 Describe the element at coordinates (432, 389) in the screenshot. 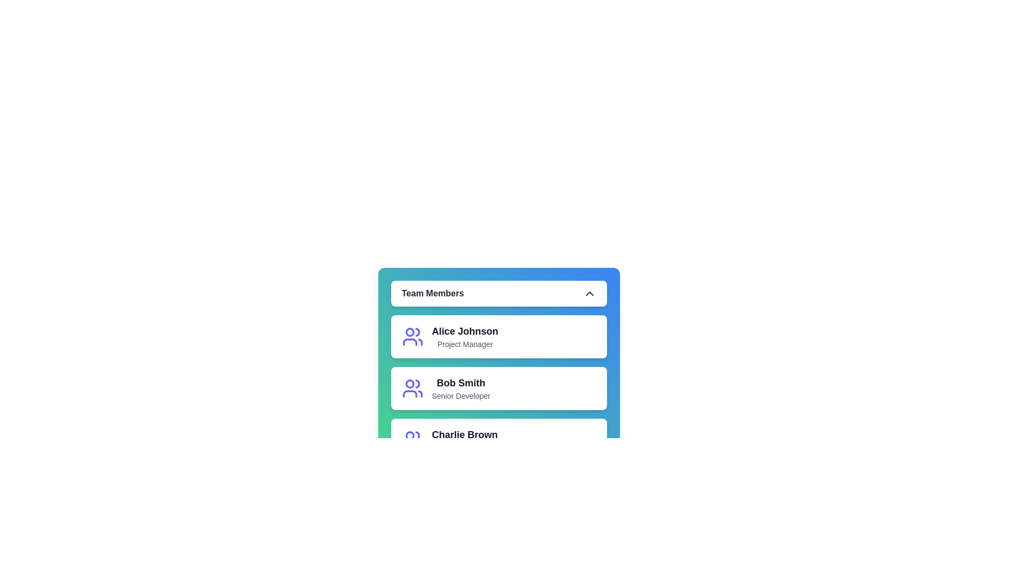

I see `the team member card for Bob Smith` at that location.